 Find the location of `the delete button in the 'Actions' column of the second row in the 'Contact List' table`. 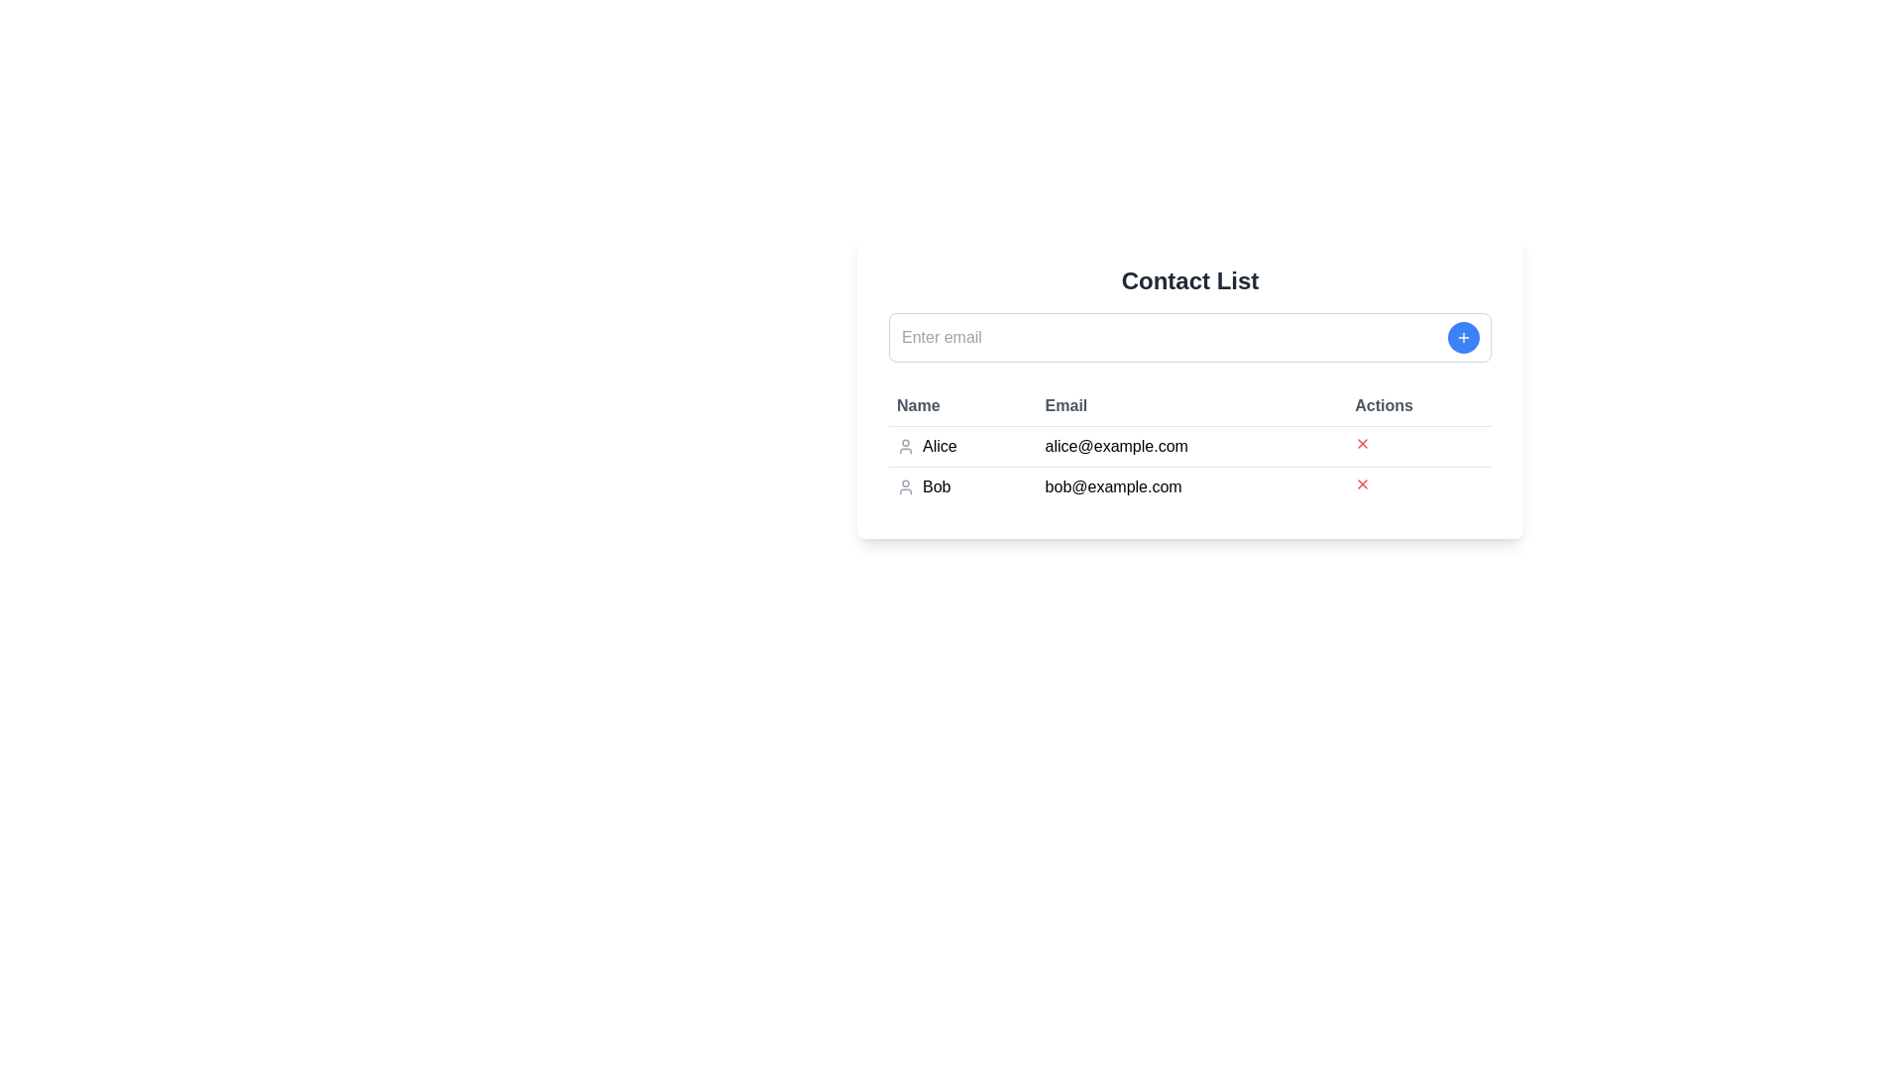

the delete button in the 'Actions' column of the second row in the 'Contact List' table is located at coordinates (1362, 442).